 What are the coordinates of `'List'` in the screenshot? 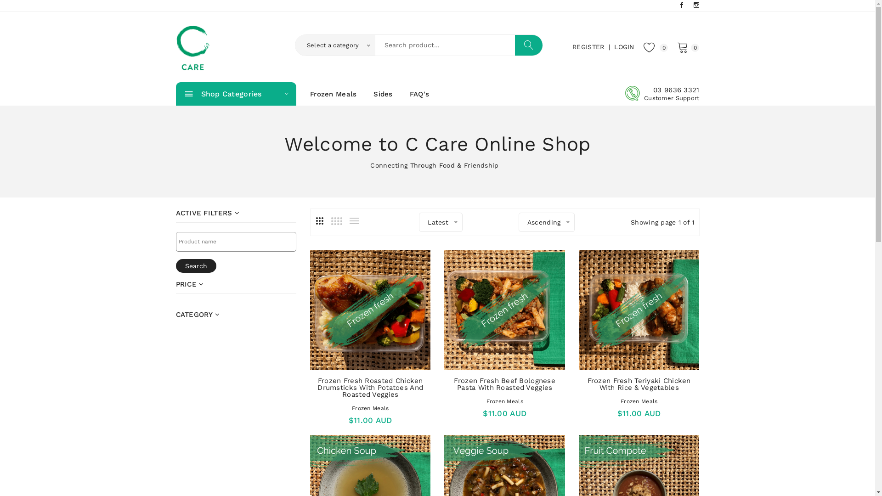 It's located at (354, 221).